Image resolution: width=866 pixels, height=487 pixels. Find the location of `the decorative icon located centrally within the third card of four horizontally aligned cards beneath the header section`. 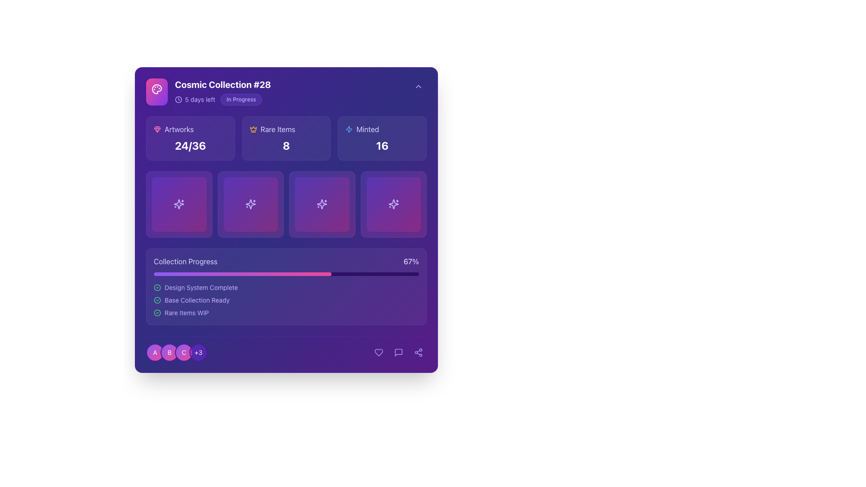

the decorative icon located centrally within the third card of four horizontally aligned cards beneath the header section is located at coordinates (250, 204).